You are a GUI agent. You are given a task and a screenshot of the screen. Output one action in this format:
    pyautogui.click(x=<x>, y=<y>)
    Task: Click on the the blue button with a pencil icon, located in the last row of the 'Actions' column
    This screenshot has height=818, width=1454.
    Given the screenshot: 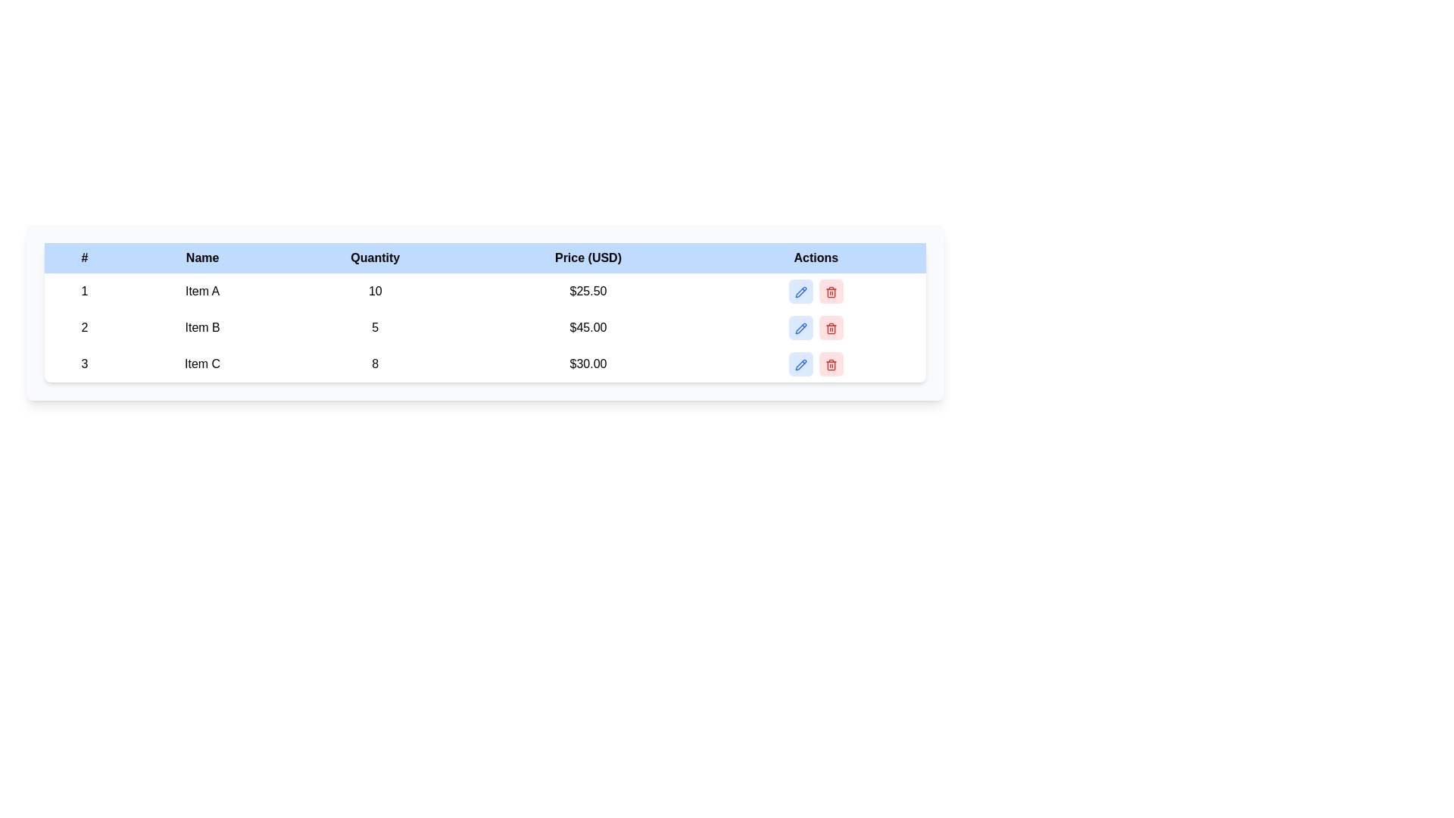 What is the action you would take?
    pyautogui.click(x=800, y=364)
    